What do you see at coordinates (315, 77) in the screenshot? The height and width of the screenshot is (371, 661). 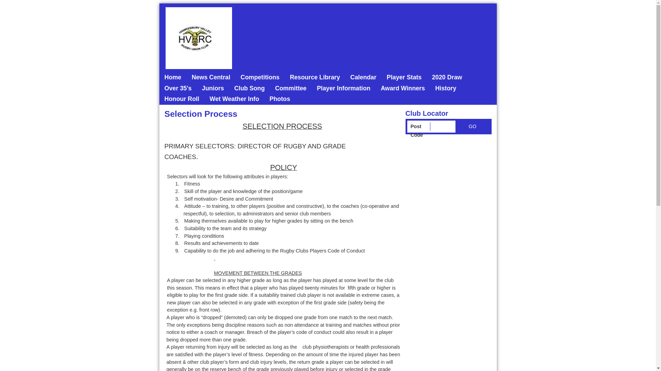 I see `'Resource Library'` at bounding box center [315, 77].